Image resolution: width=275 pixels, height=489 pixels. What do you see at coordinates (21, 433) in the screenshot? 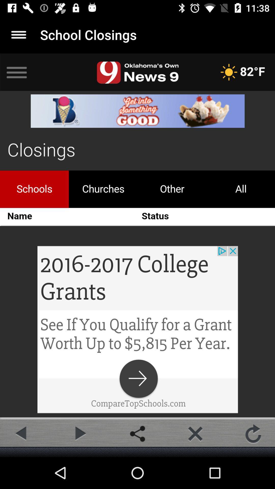
I see `go back` at bounding box center [21, 433].